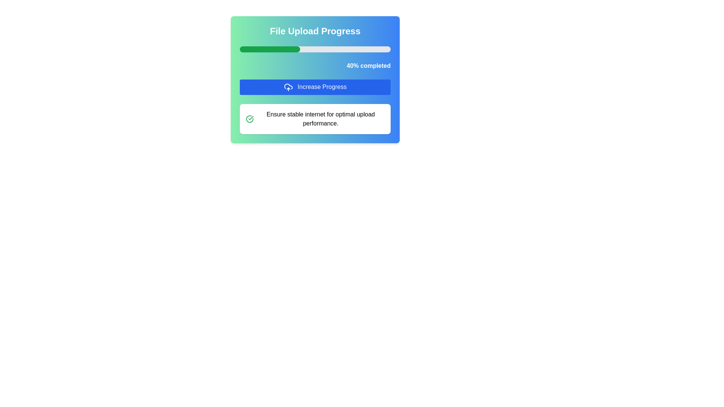 This screenshot has height=407, width=724. Describe the element at coordinates (315, 87) in the screenshot. I see `the 'Increase Progress' button, a rectangular blue button with rounded edges containing white text and an upward arrow icon` at that location.